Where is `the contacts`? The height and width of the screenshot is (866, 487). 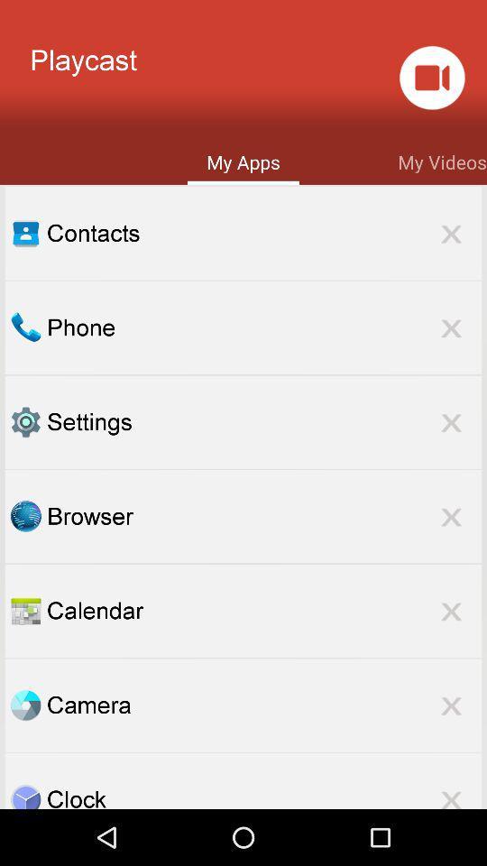
the contacts is located at coordinates (263, 232).